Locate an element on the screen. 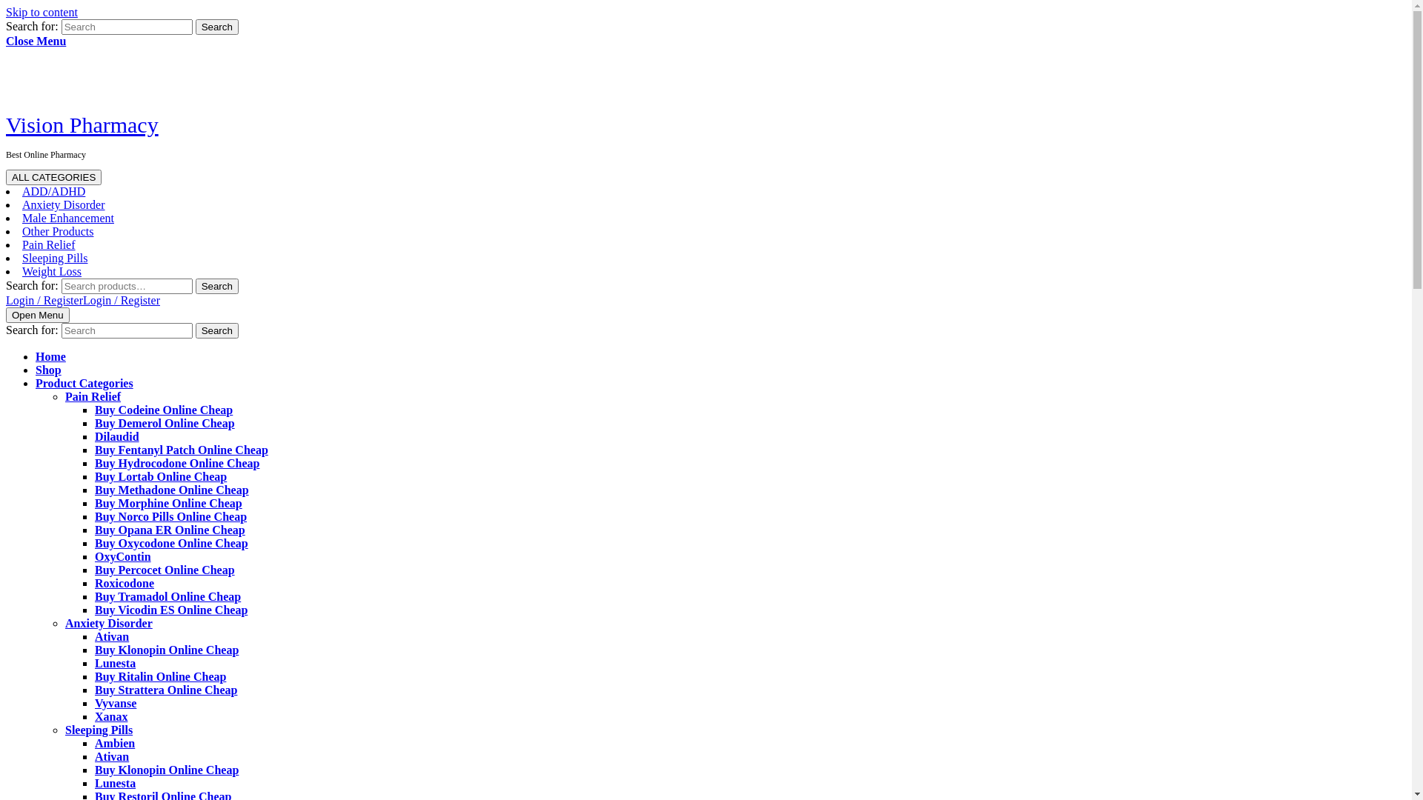  'Dilaudid' is located at coordinates (116, 436).